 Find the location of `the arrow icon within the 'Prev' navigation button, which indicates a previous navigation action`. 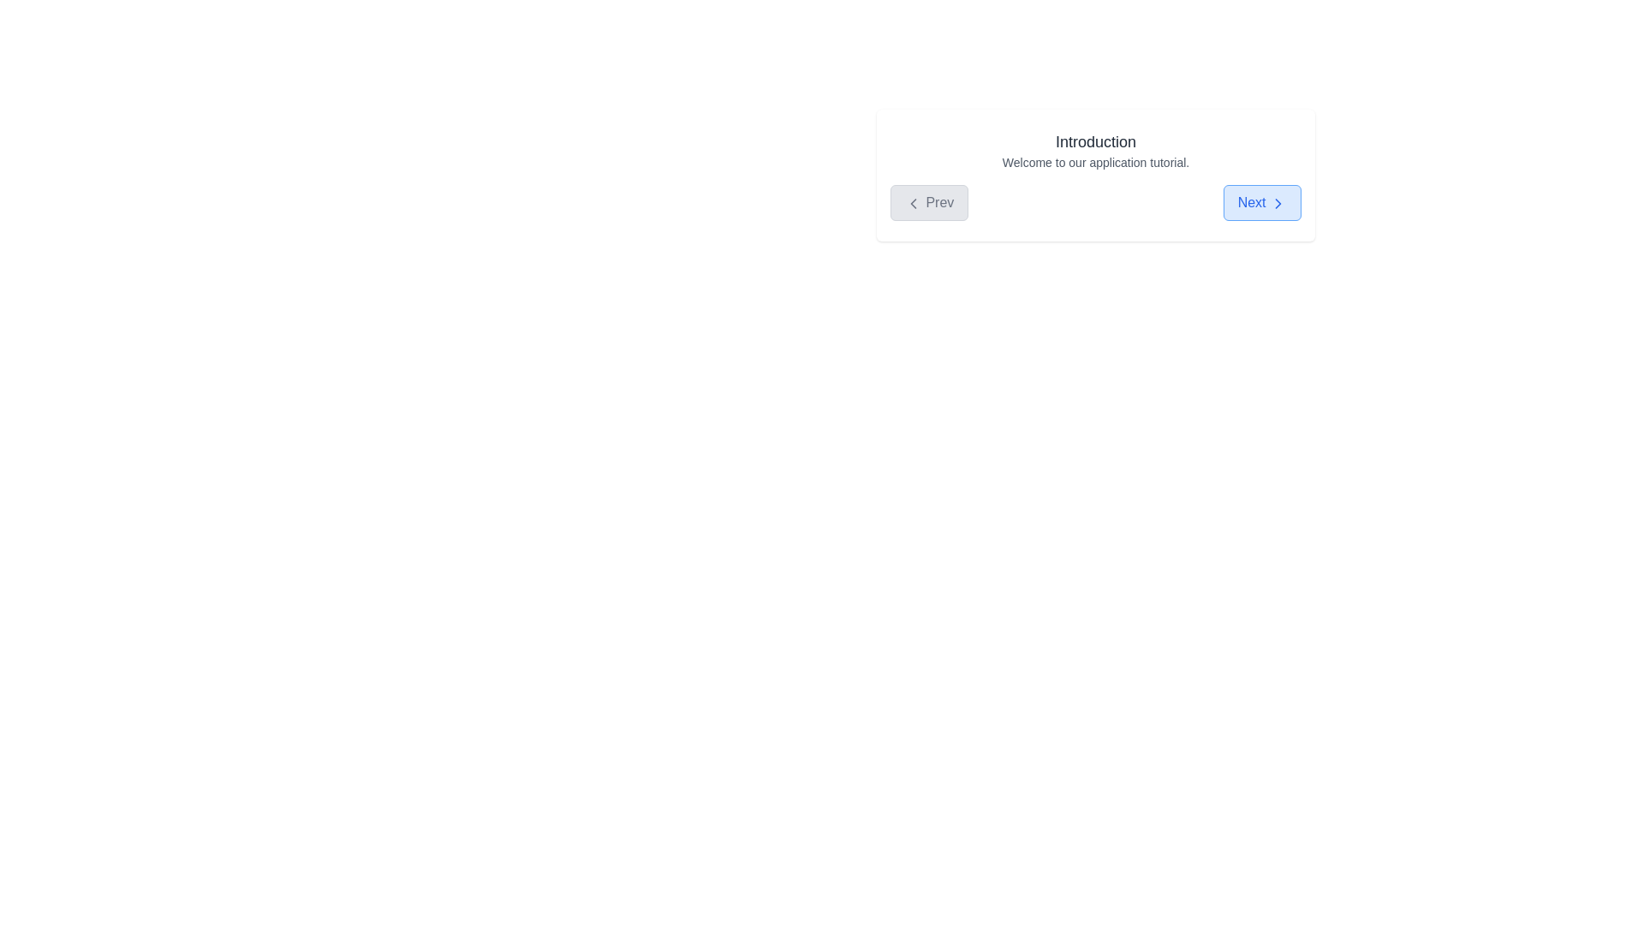

the arrow icon within the 'Prev' navigation button, which indicates a previous navigation action is located at coordinates (912, 201).